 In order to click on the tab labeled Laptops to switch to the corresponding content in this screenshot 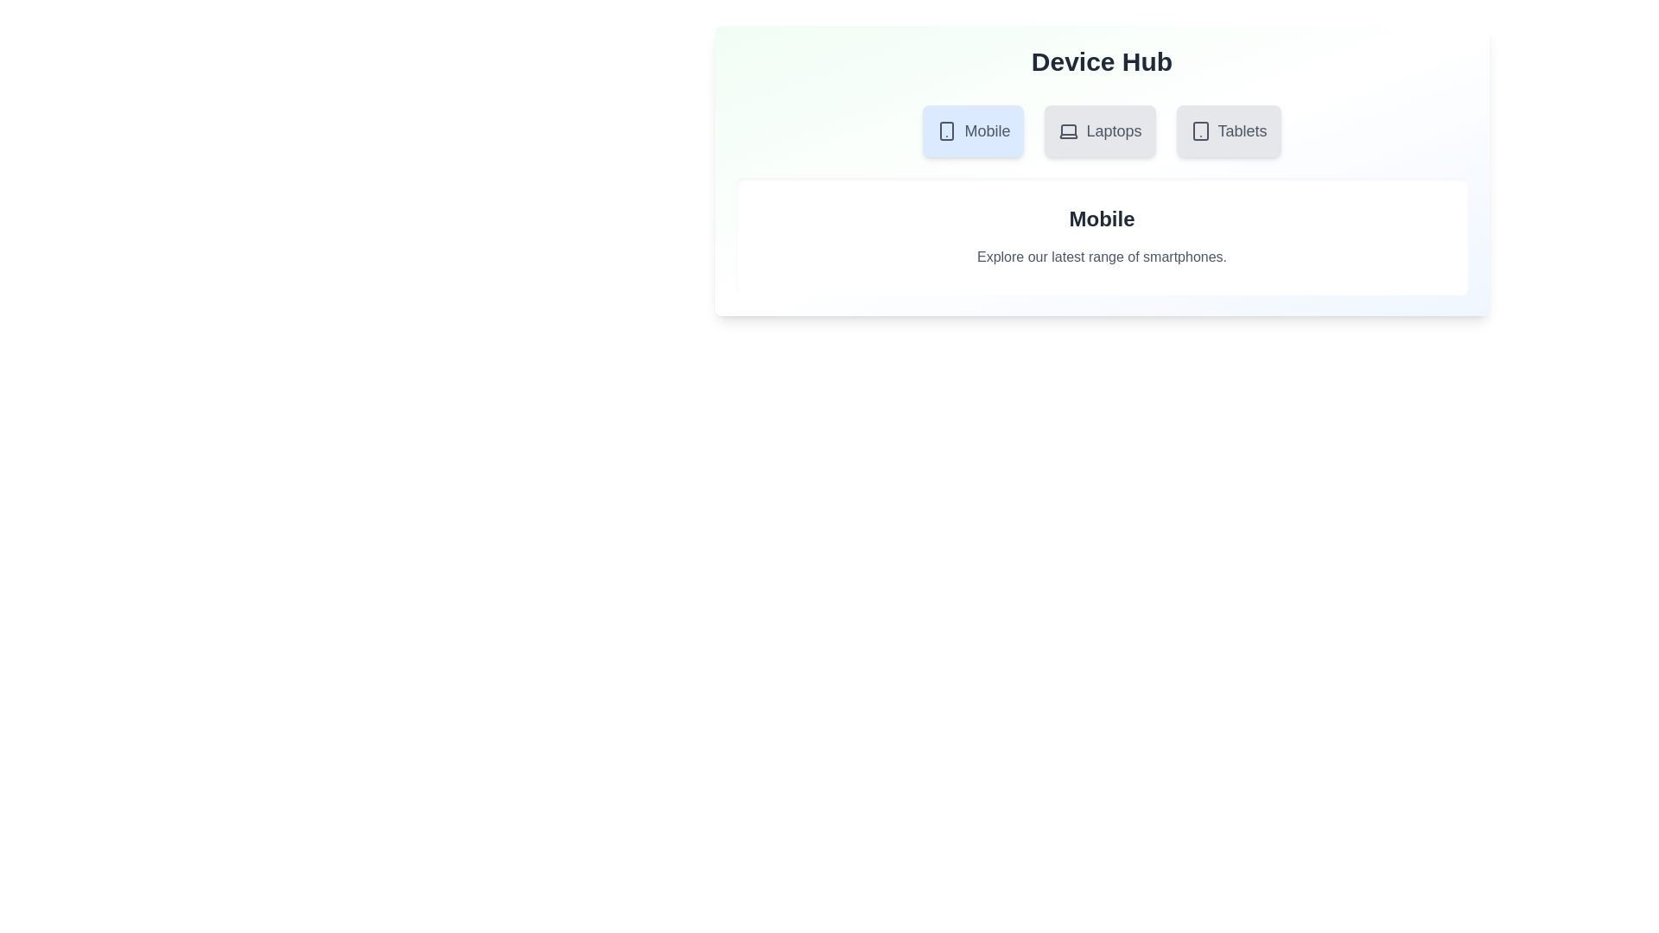, I will do `click(1099, 130)`.